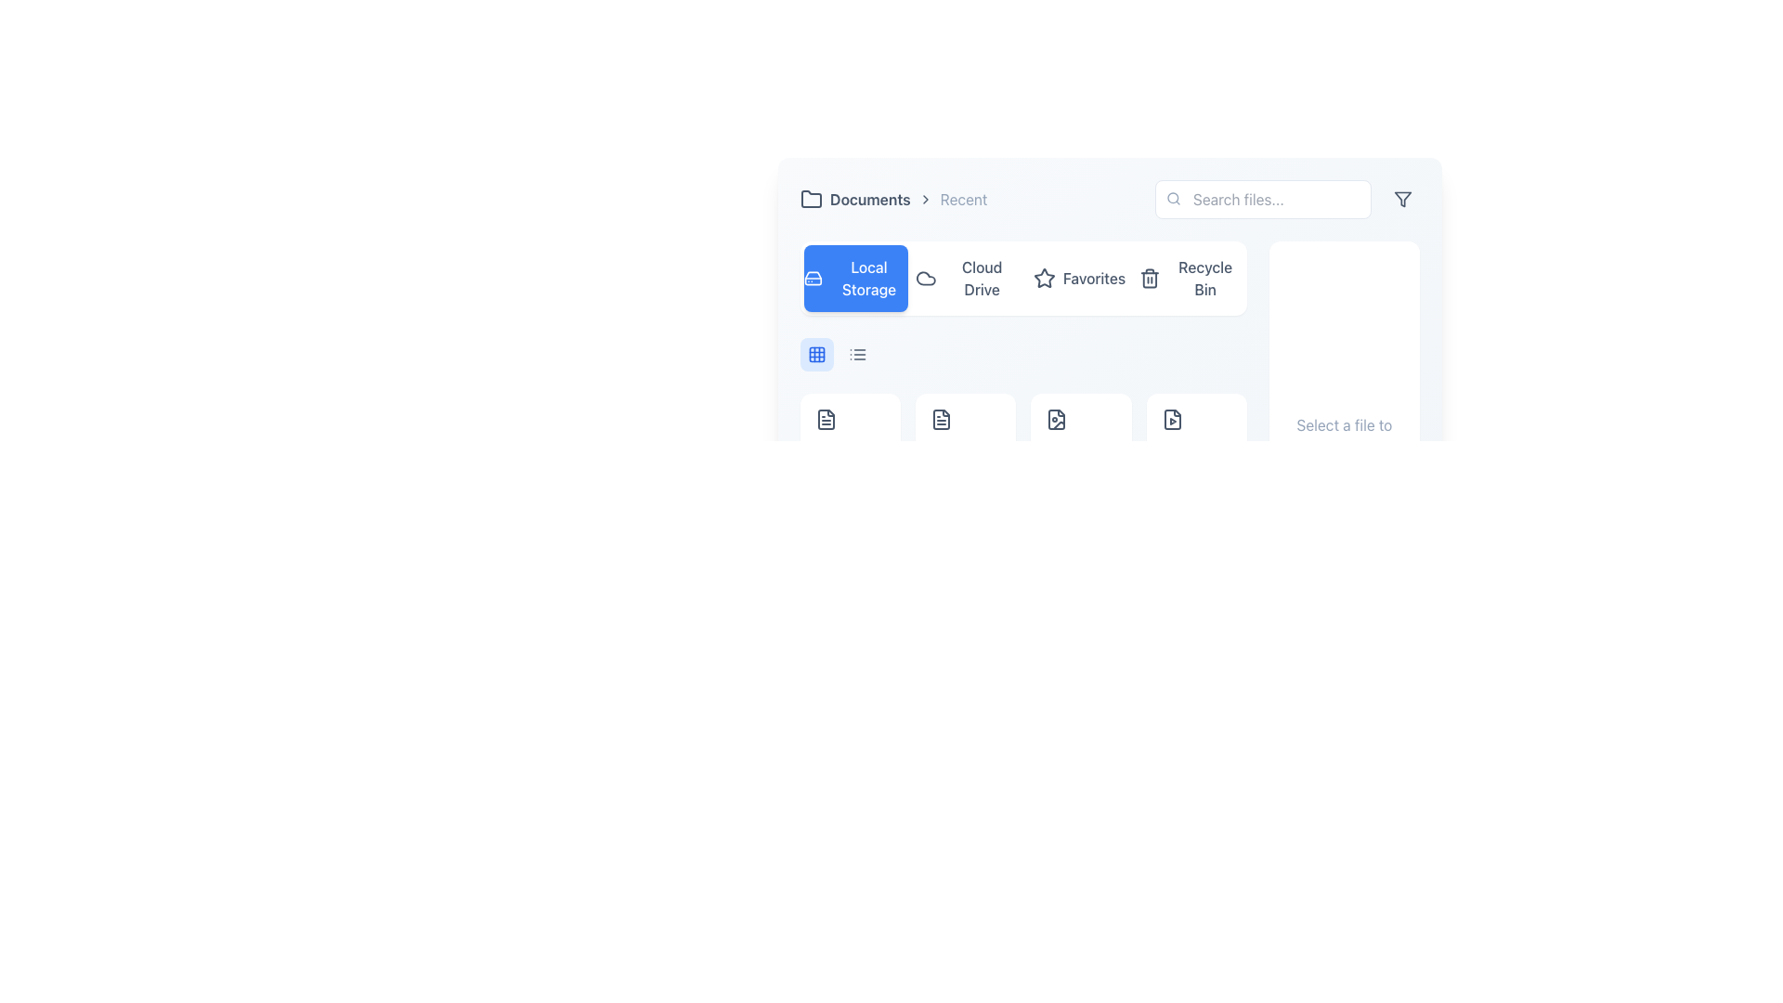  Describe the element at coordinates (1094, 279) in the screenshot. I see `the 'Favorites' text label in the navigation bar, located between a star icon and another button, which allows users` at that location.